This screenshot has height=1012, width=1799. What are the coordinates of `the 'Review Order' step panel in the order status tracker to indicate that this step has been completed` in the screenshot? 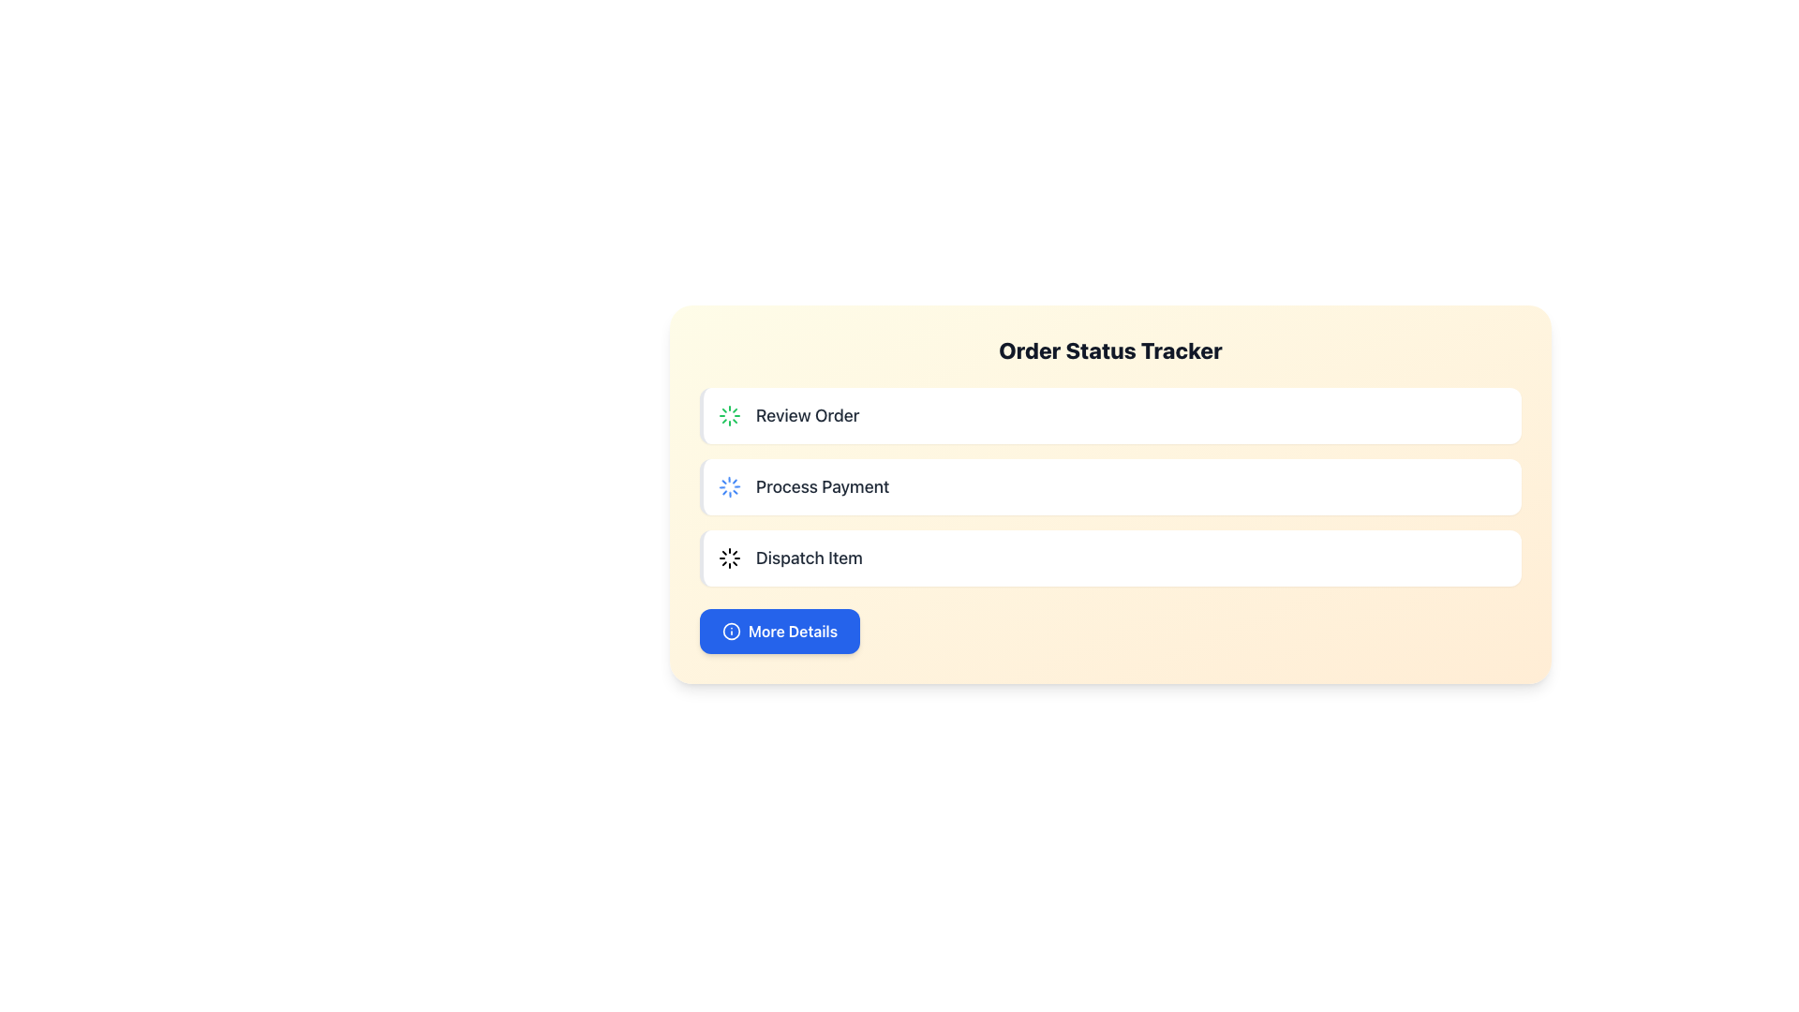 It's located at (1110, 414).